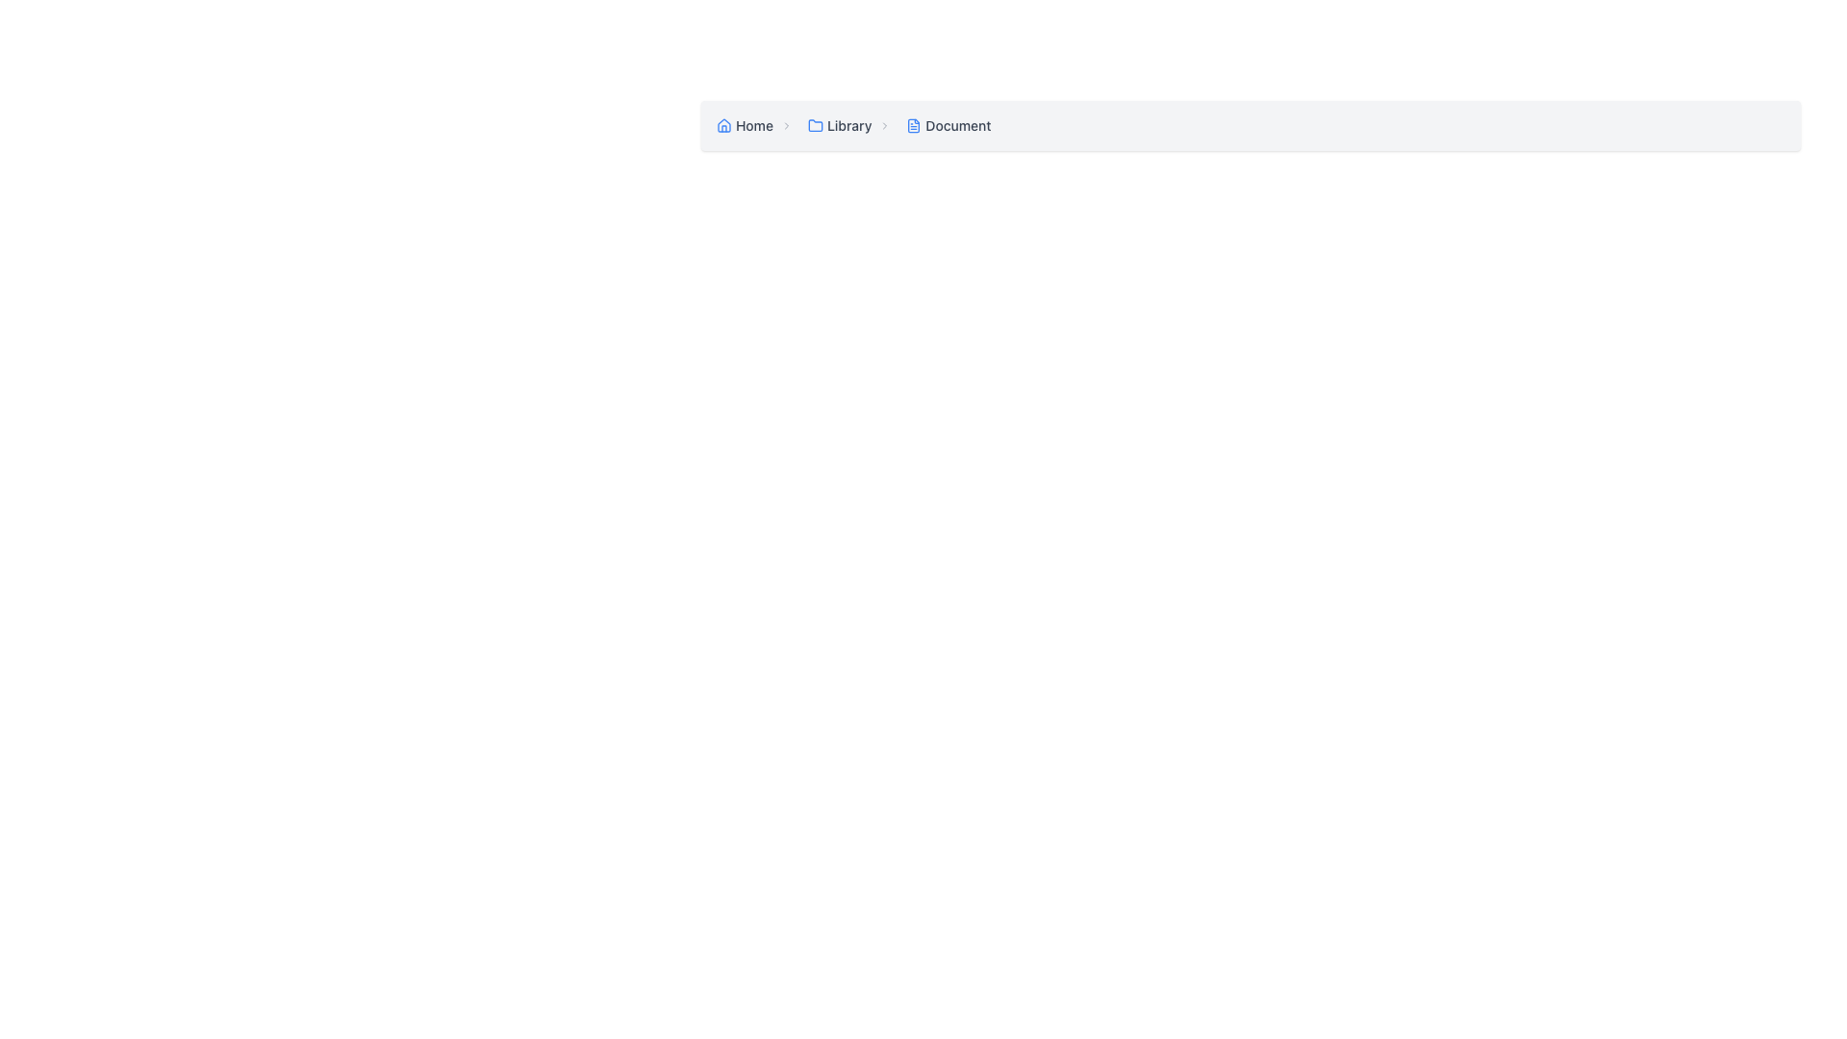 This screenshot has width=1847, height=1039. Describe the element at coordinates (753, 126) in the screenshot. I see `the 'Home' label in the breadcrumb navigation bar, which displays the word 'Home' in a medium-weight gray font, positioned between a house icon and a right-chevron icon` at that location.